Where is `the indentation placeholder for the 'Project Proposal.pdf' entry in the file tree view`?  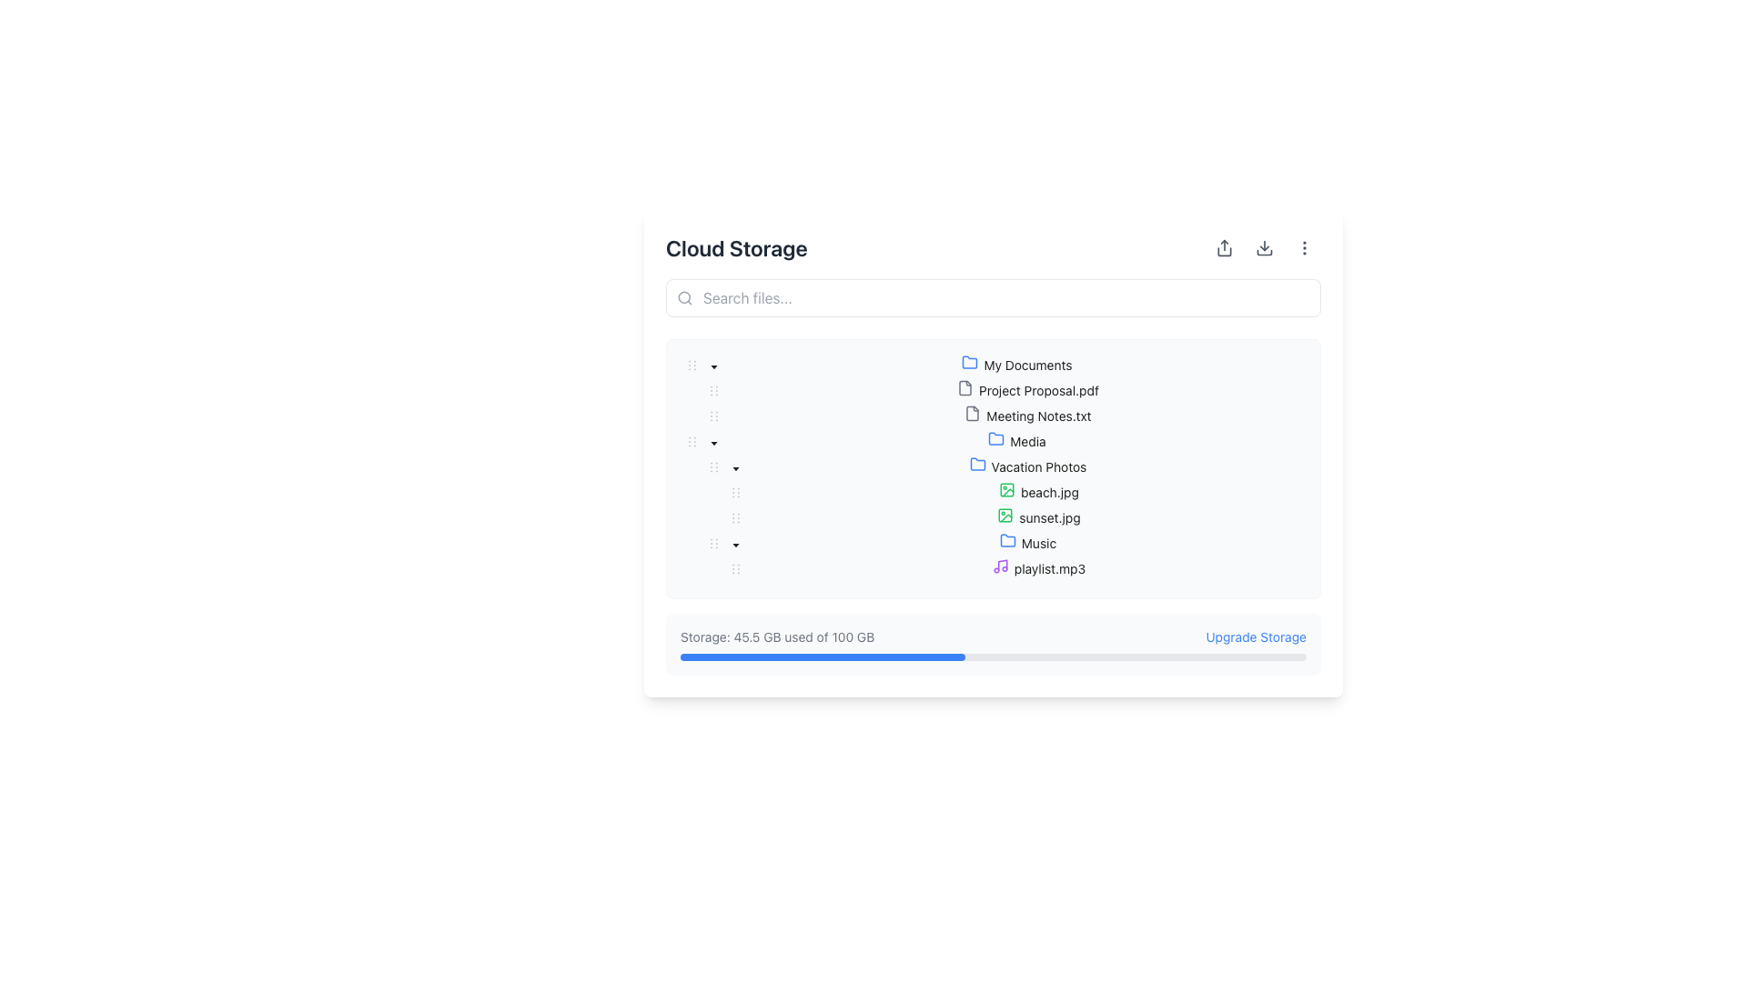
the indentation placeholder for the 'Project Proposal.pdf' entry in the file tree view is located at coordinates (692, 389).